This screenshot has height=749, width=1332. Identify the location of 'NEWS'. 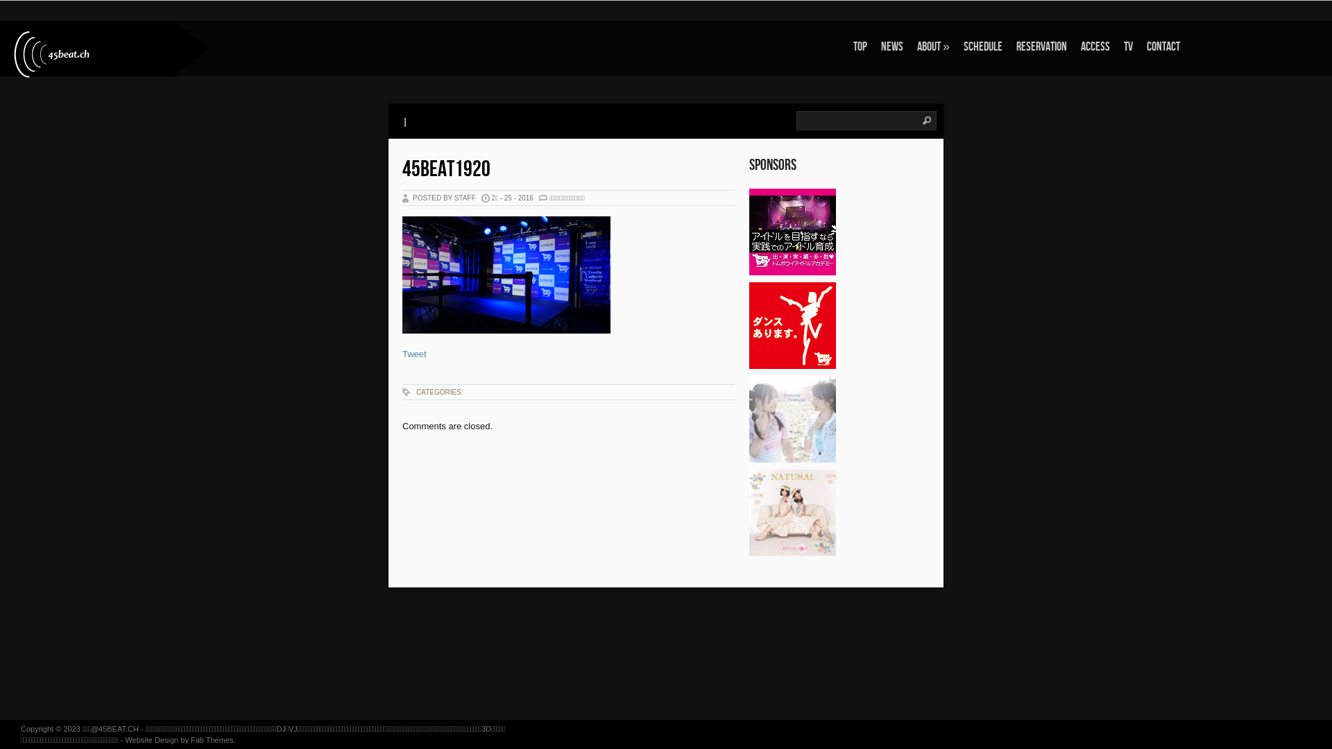
(892, 46).